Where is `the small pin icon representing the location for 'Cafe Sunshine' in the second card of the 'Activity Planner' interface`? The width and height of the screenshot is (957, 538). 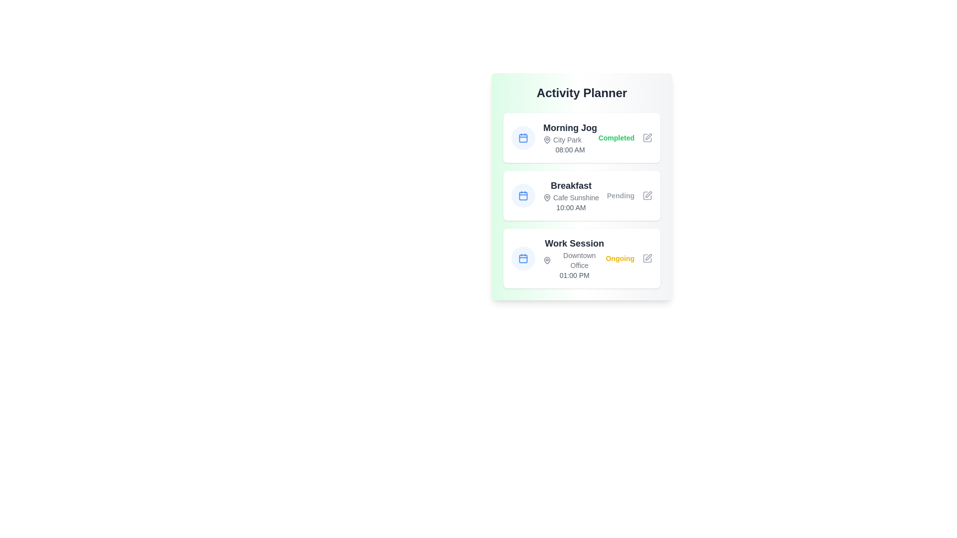 the small pin icon representing the location for 'Cafe Sunshine' in the second card of the 'Activity Planner' interface is located at coordinates (547, 198).